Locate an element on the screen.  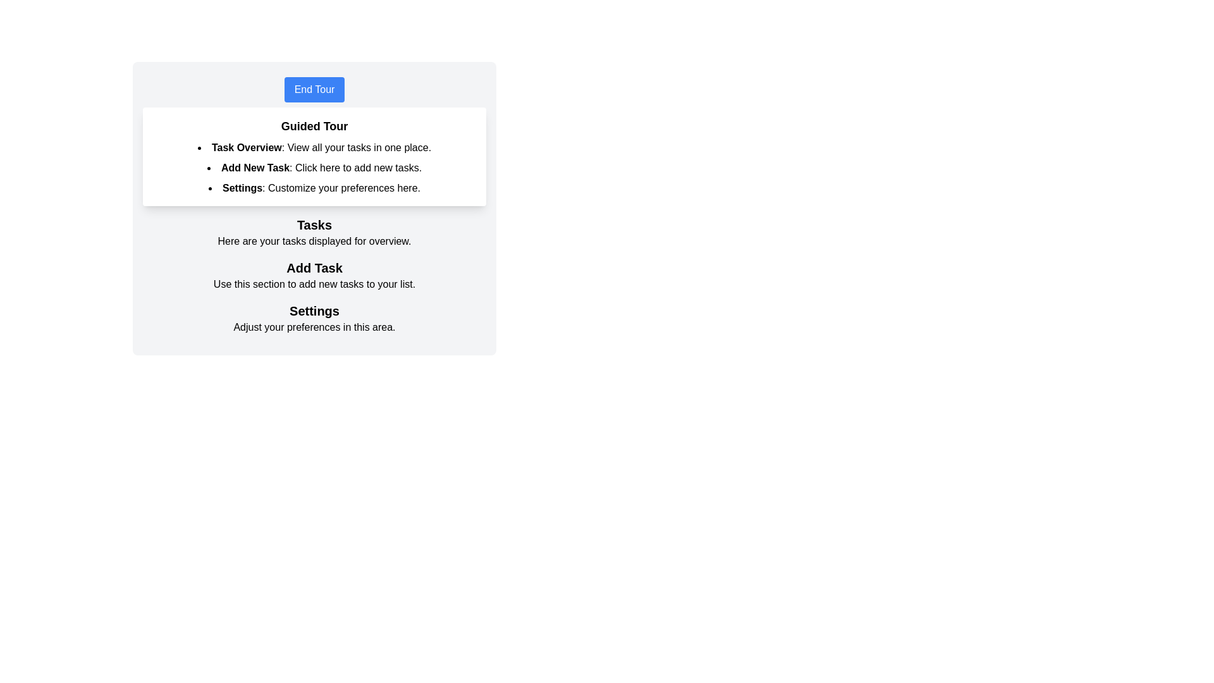
the informative text label that introduces setting-related content in the guided tour, which is the third item in the bulleted list under the heading 'Guided Tour' is located at coordinates (242, 188).